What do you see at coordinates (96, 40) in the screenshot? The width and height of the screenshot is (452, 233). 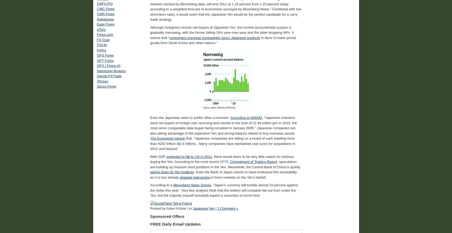 I see `'FX Club'` at bounding box center [96, 40].